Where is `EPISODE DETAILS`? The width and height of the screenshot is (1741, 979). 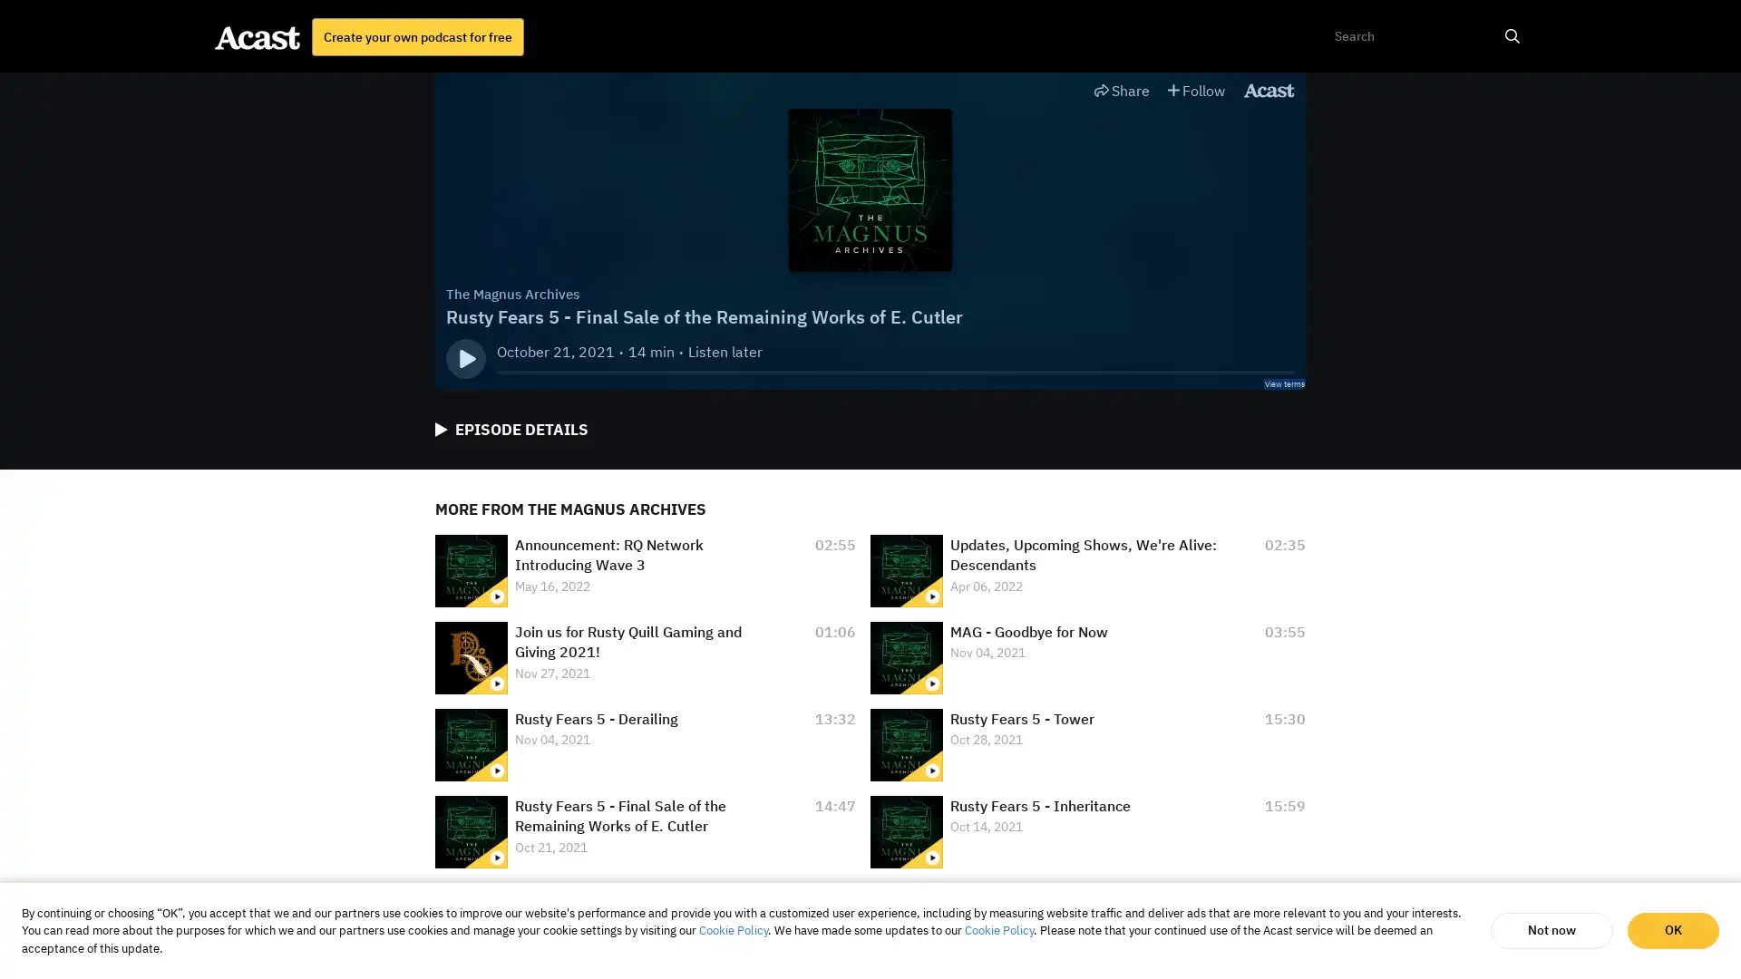
EPISODE DETAILS is located at coordinates (511, 430).